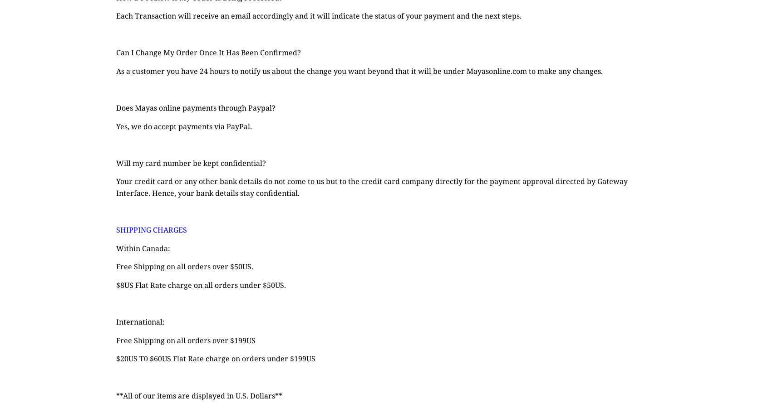  Describe the element at coordinates (208, 53) in the screenshot. I see `'Can I Change My Order Once It Has Been Confirmed?'` at that location.